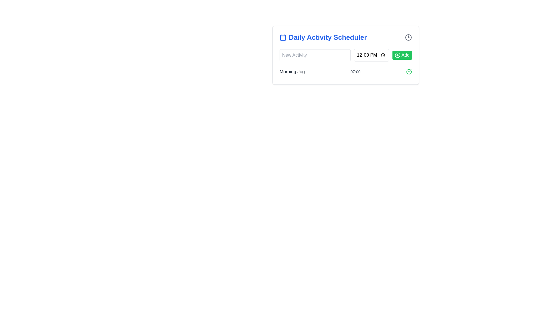 The image size is (550, 309). What do you see at coordinates (402, 55) in the screenshot?
I see `the 'Add Activity' button located at the far-right end of the row, adjacent to the 'New Activity' text input field and the time selector` at bounding box center [402, 55].